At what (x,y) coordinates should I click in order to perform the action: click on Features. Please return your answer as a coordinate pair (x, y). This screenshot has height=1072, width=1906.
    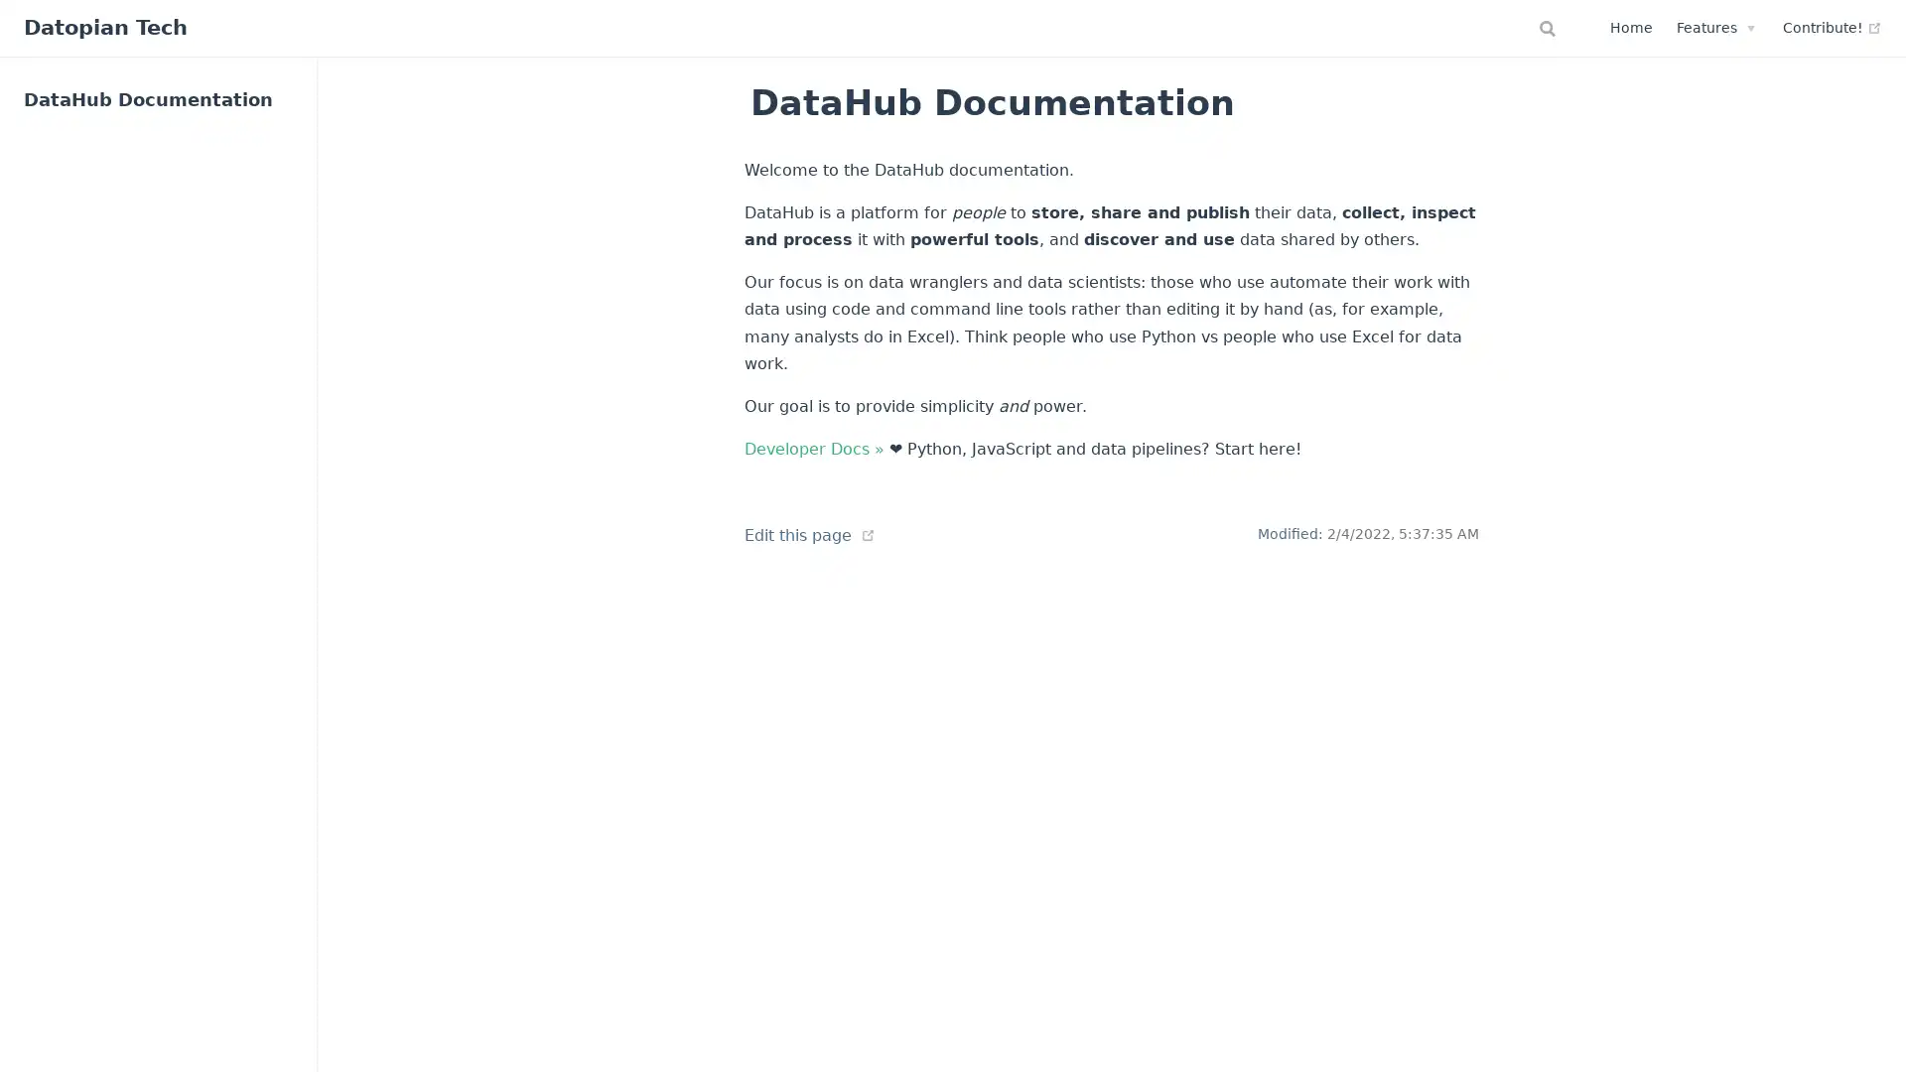
    Looking at the image, I should click on (1714, 27).